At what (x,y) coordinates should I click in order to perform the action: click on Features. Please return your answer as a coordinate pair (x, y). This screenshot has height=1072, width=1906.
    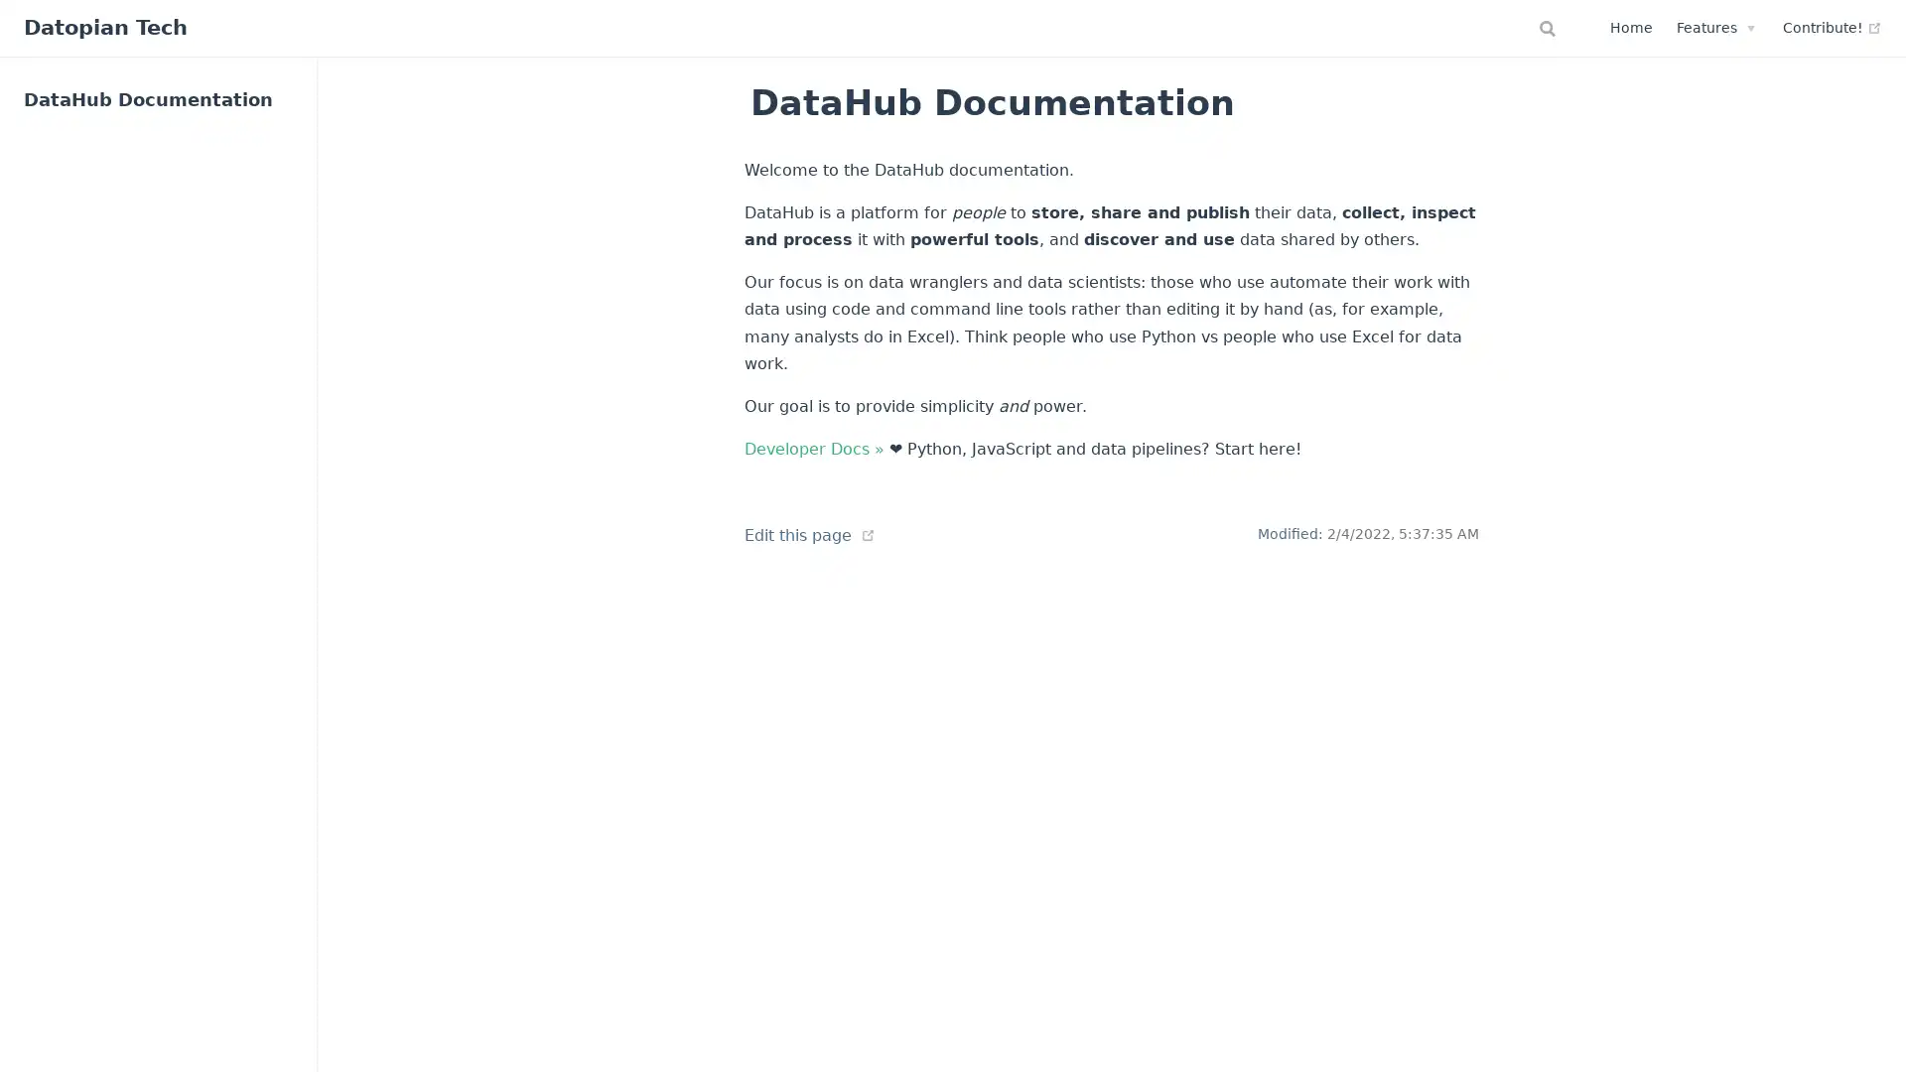
    Looking at the image, I should click on (1714, 27).